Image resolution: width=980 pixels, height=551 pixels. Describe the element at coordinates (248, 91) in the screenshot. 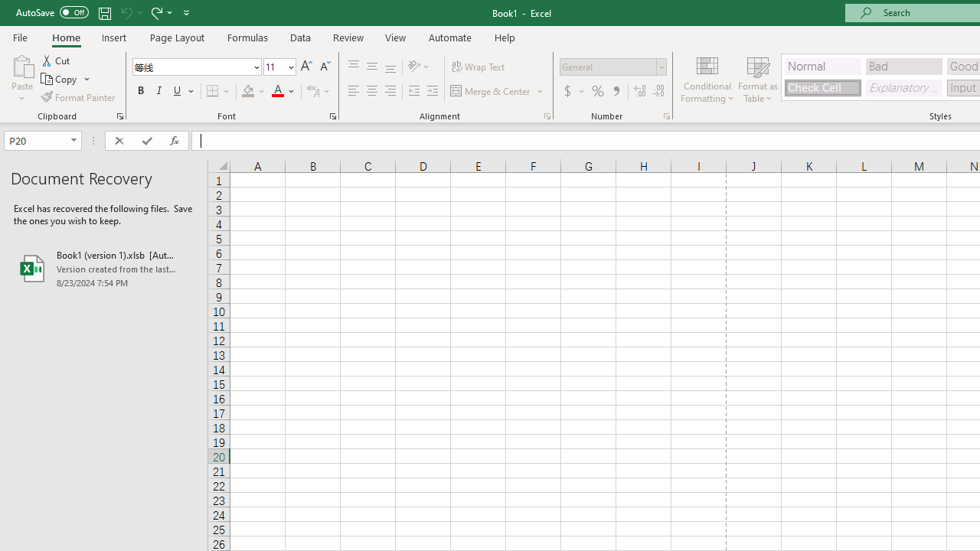

I see `'Fill Color RGB(255, 255, 0)'` at that location.